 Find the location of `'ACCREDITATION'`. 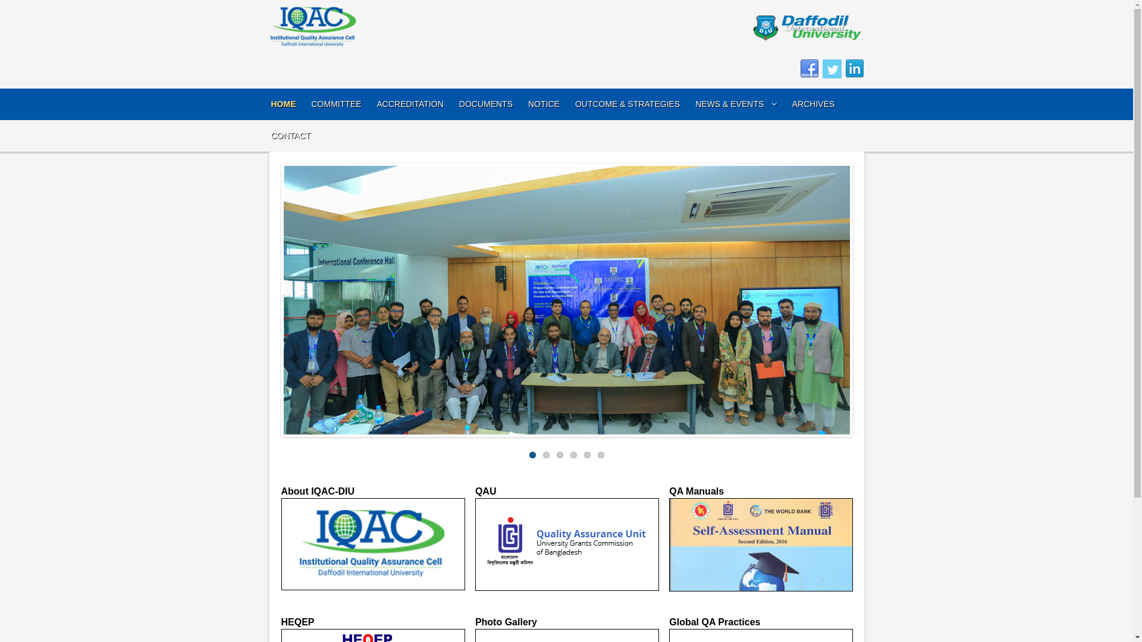

'ACCREDITATION' is located at coordinates (410, 103).